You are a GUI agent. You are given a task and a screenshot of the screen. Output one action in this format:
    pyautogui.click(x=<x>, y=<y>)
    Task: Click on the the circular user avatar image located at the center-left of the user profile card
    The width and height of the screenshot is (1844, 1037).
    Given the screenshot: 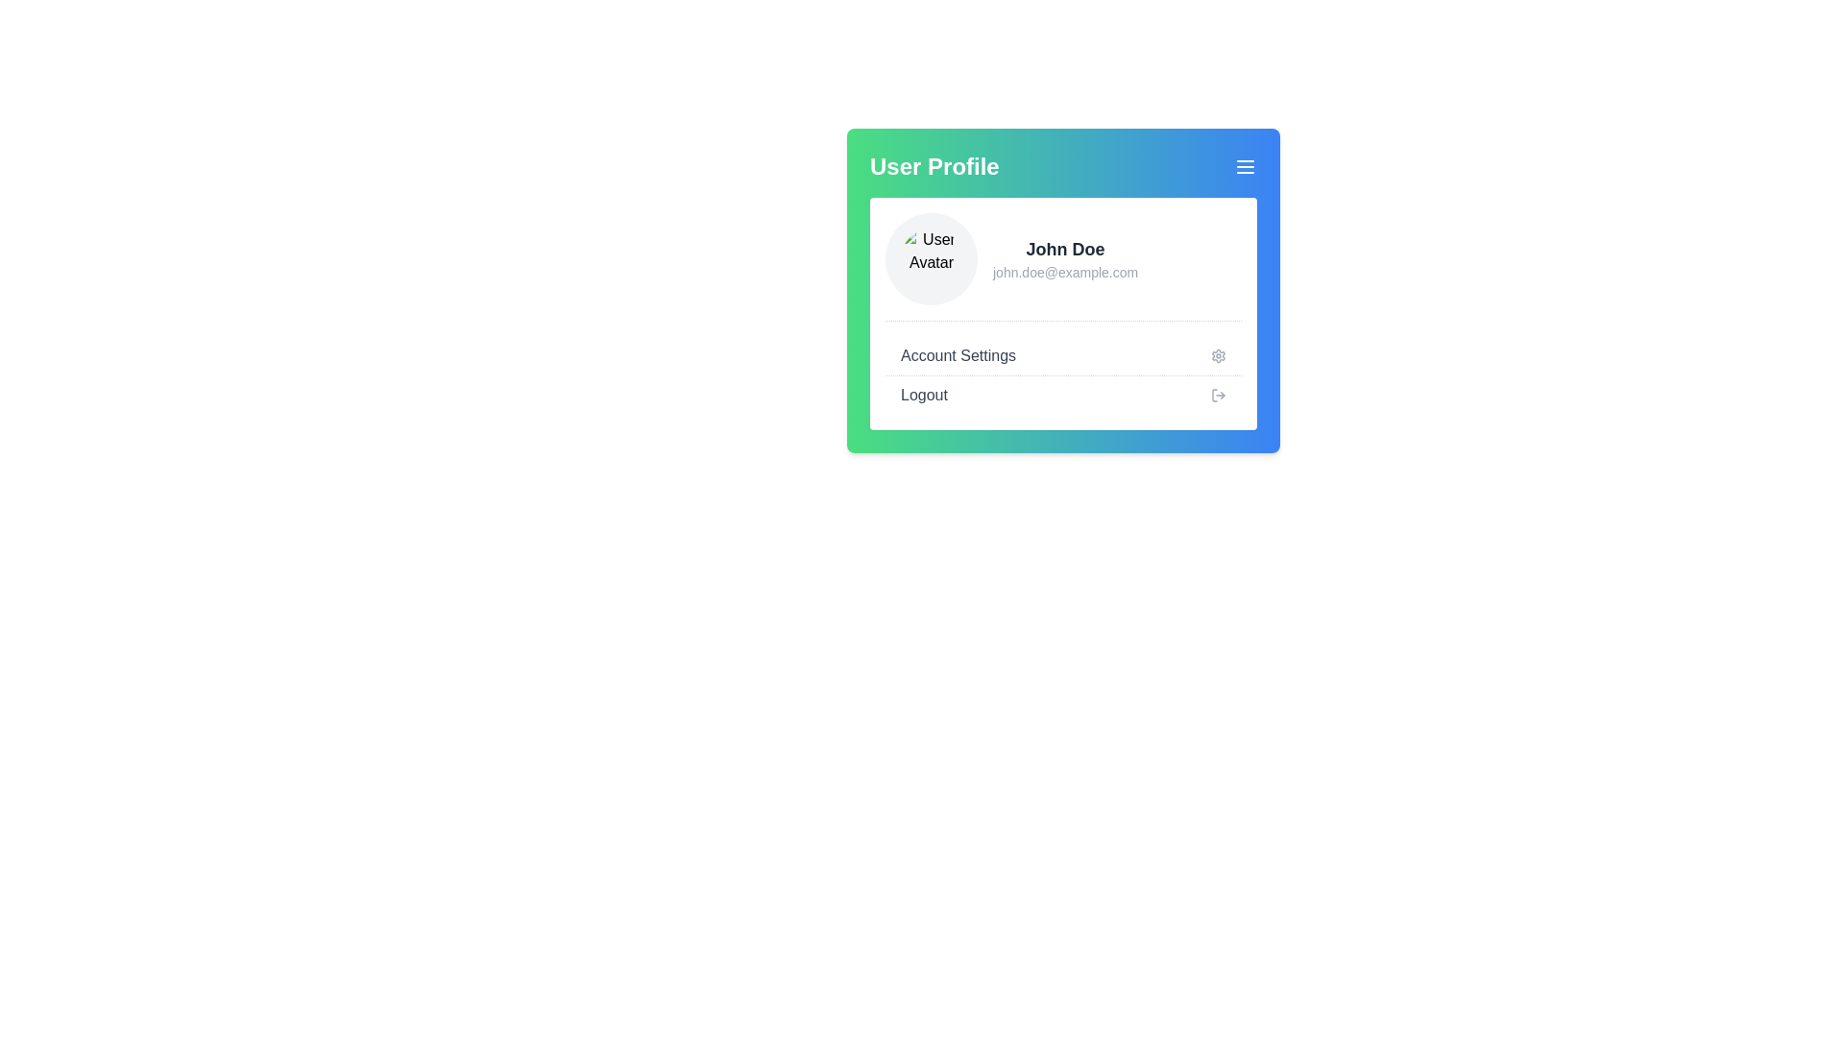 What is the action you would take?
    pyautogui.click(x=931, y=259)
    